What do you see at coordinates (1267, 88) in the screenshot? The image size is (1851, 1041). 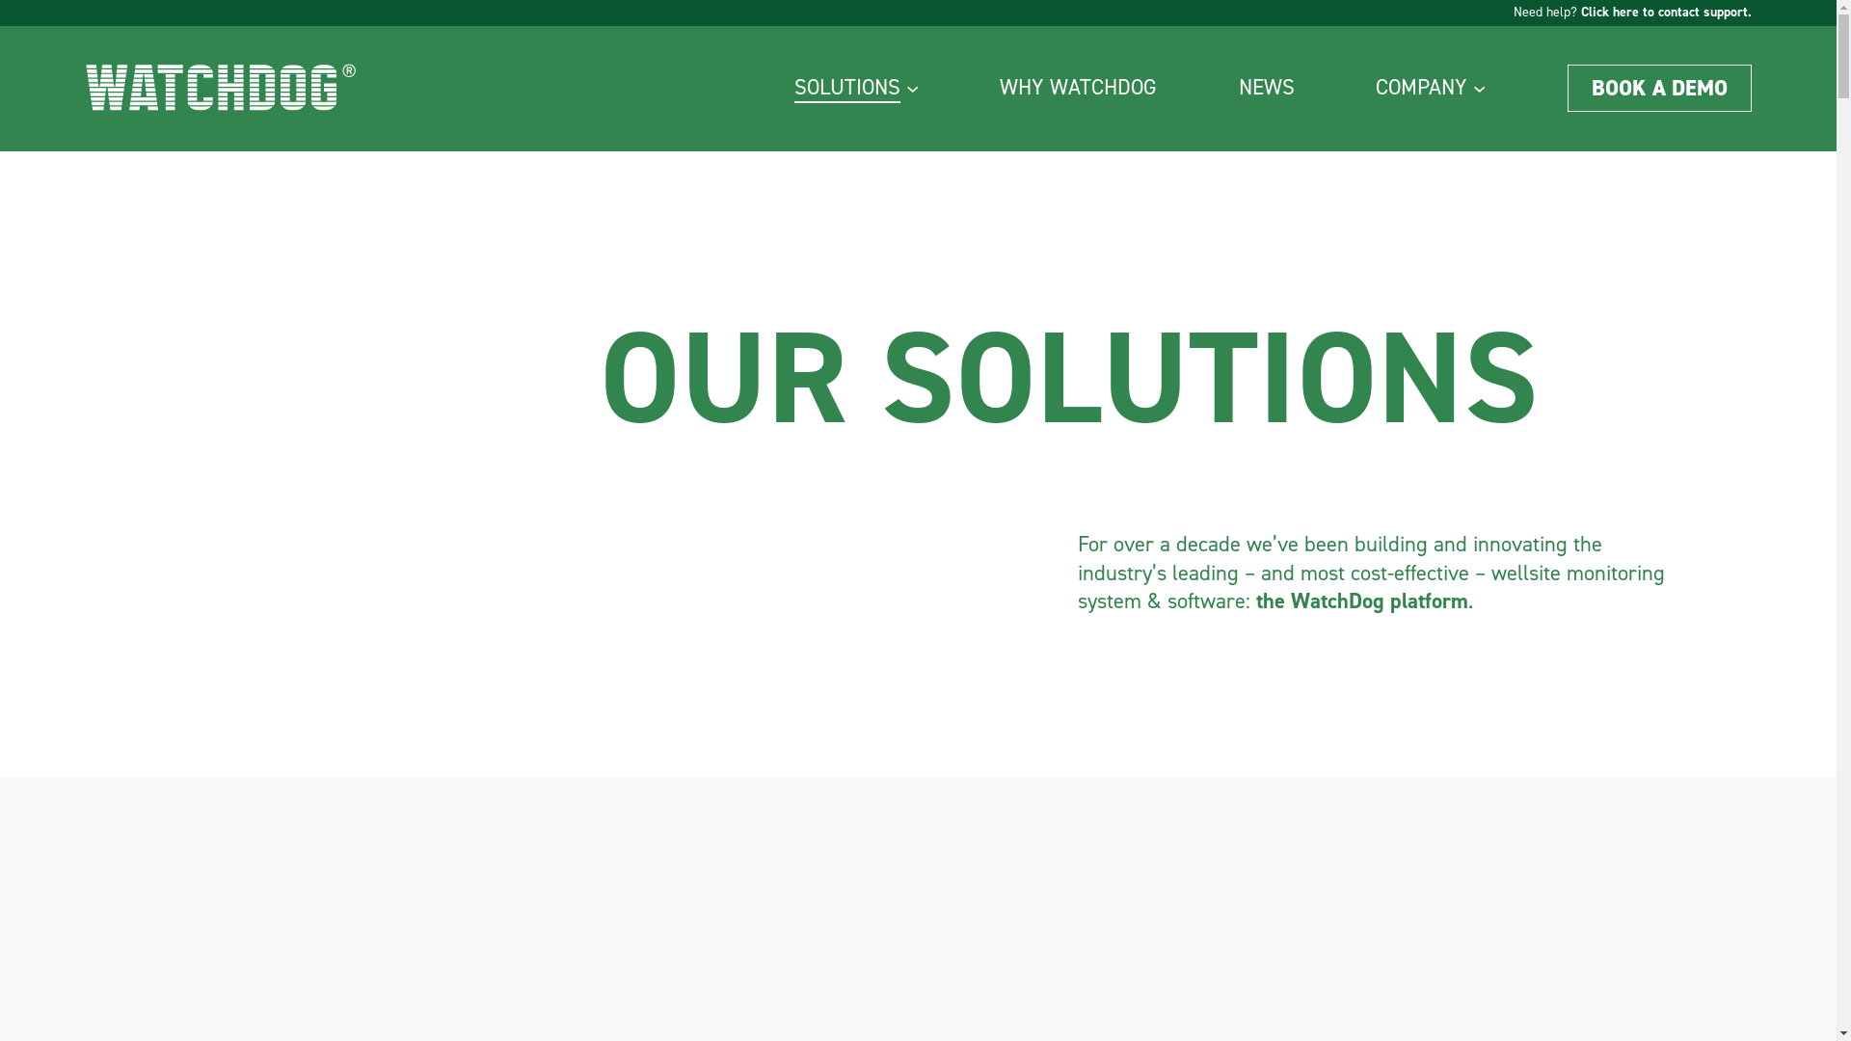 I see `'NEWS'` at bounding box center [1267, 88].